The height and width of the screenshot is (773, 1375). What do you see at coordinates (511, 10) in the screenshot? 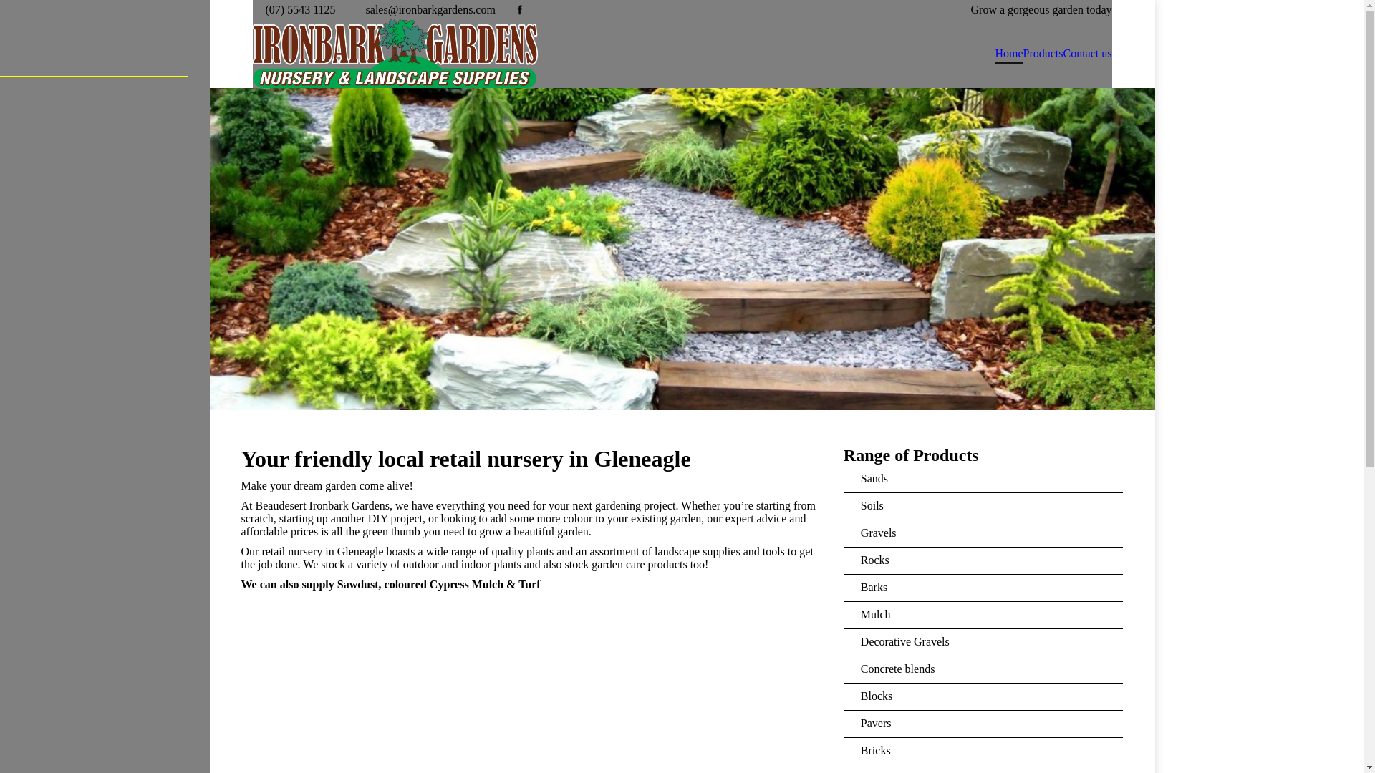
I see `'Facebook'` at bounding box center [511, 10].